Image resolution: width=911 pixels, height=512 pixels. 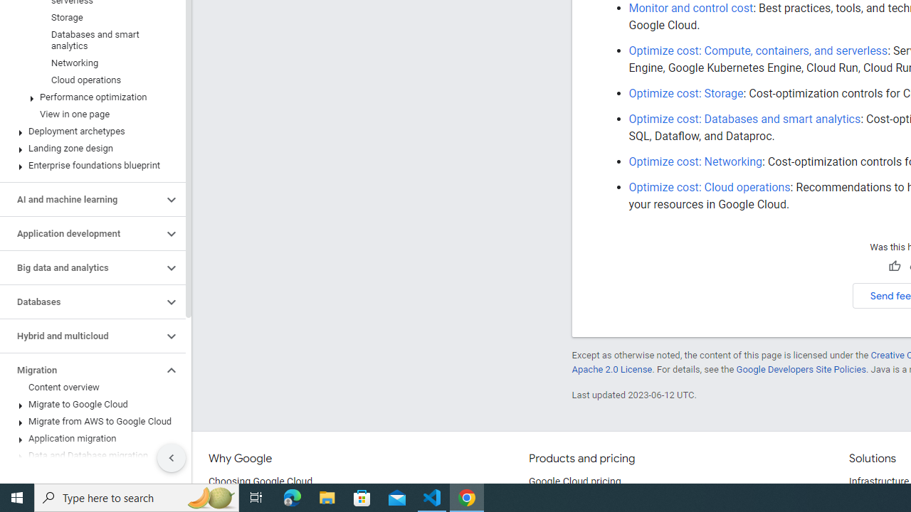 What do you see at coordinates (685, 93) in the screenshot?
I see `'Optimize cost: Storage'` at bounding box center [685, 93].